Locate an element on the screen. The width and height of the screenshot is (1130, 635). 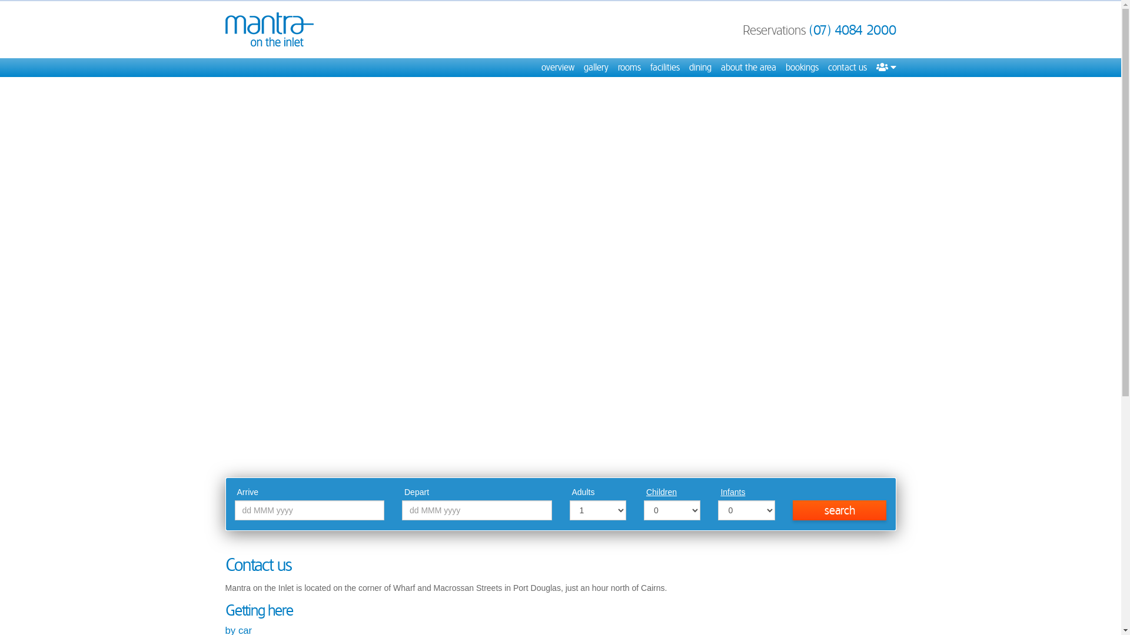
'(07) 4084 2000' is located at coordinates (852, 29).